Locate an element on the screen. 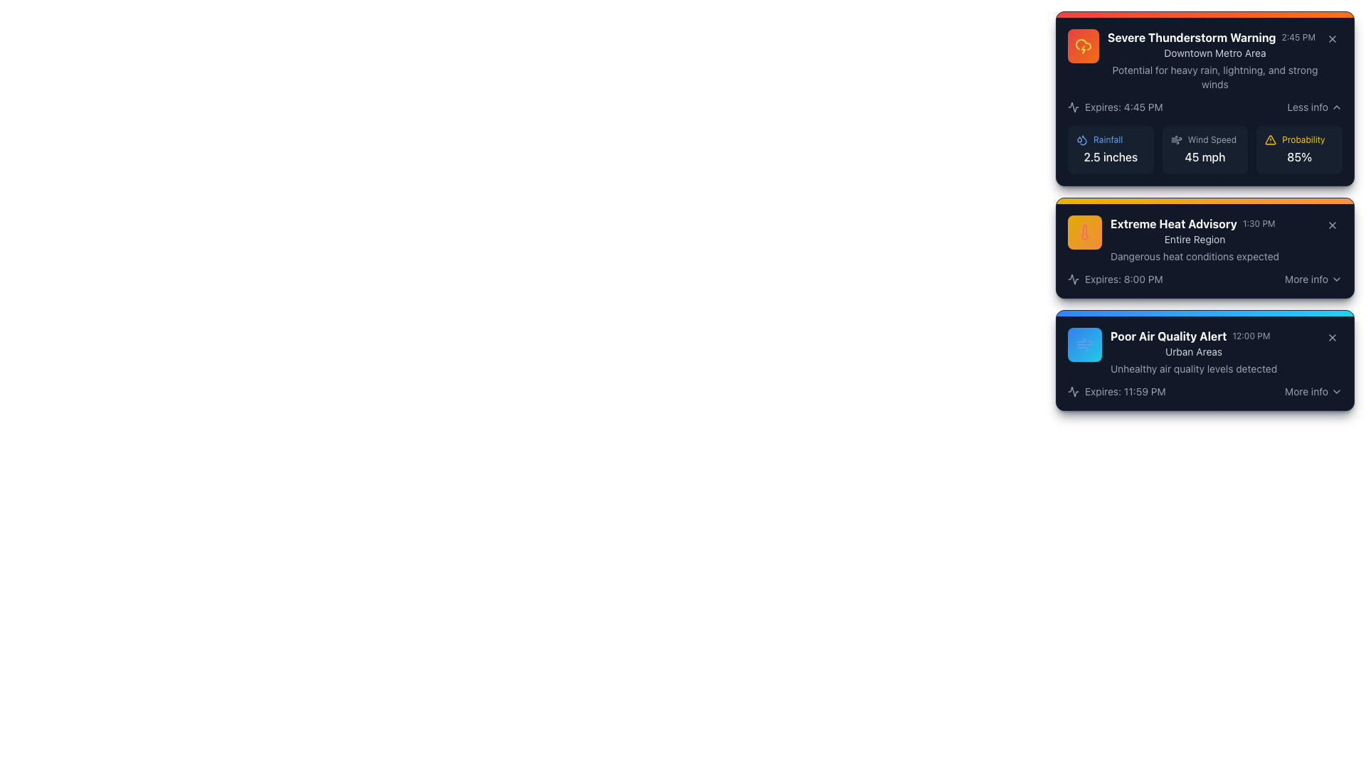 Image resolution: width=1366 pixels, height=768 pixels. the chevron-down icon located within the 'More info' label at the bottom right corner of the 'Extreme Heat Advisory' card is located at coordinates (1335, 279).